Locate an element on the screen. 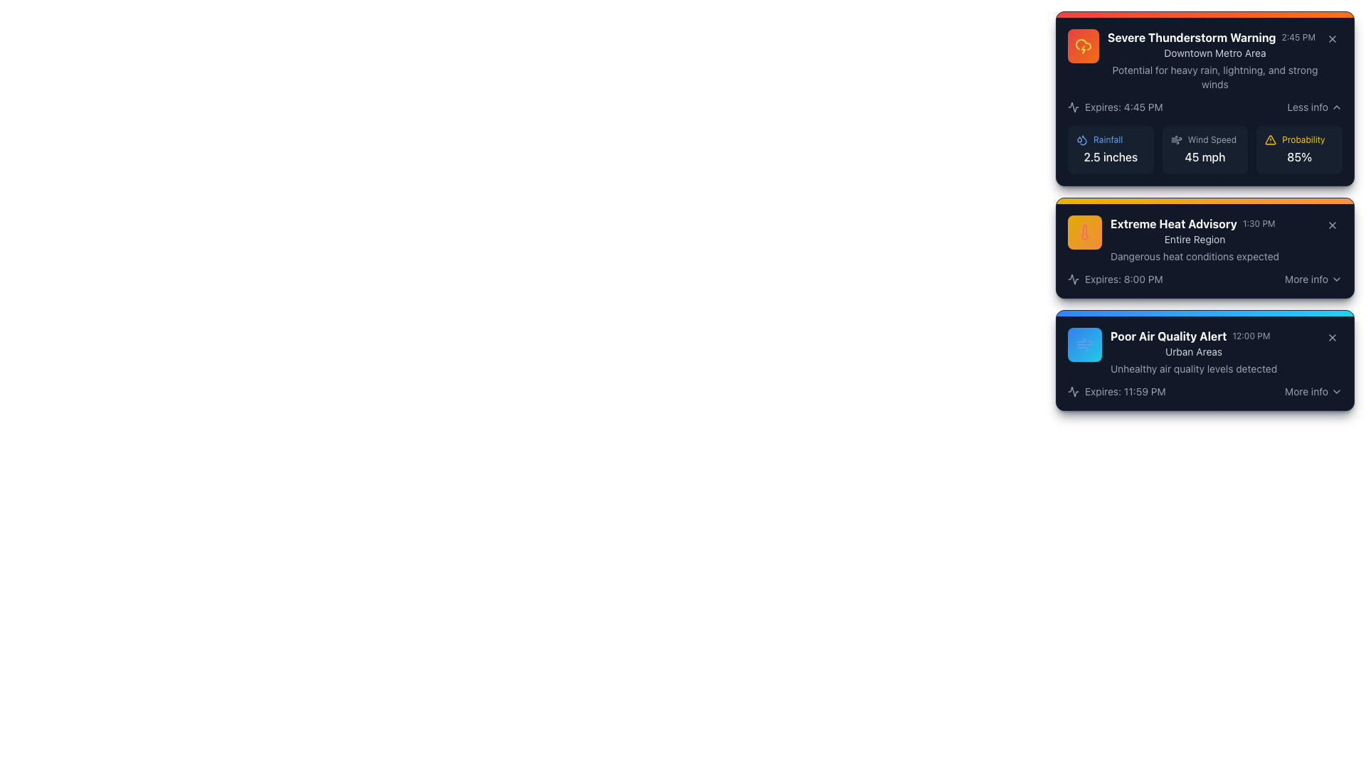 Image resolution: width=1366 pixels, height=768 pixels. the chevron-down icon located within the 'More info' label at the bottom right corner of the 'Extreme Heat Advisory' card is located at coordinates (1335, 279).